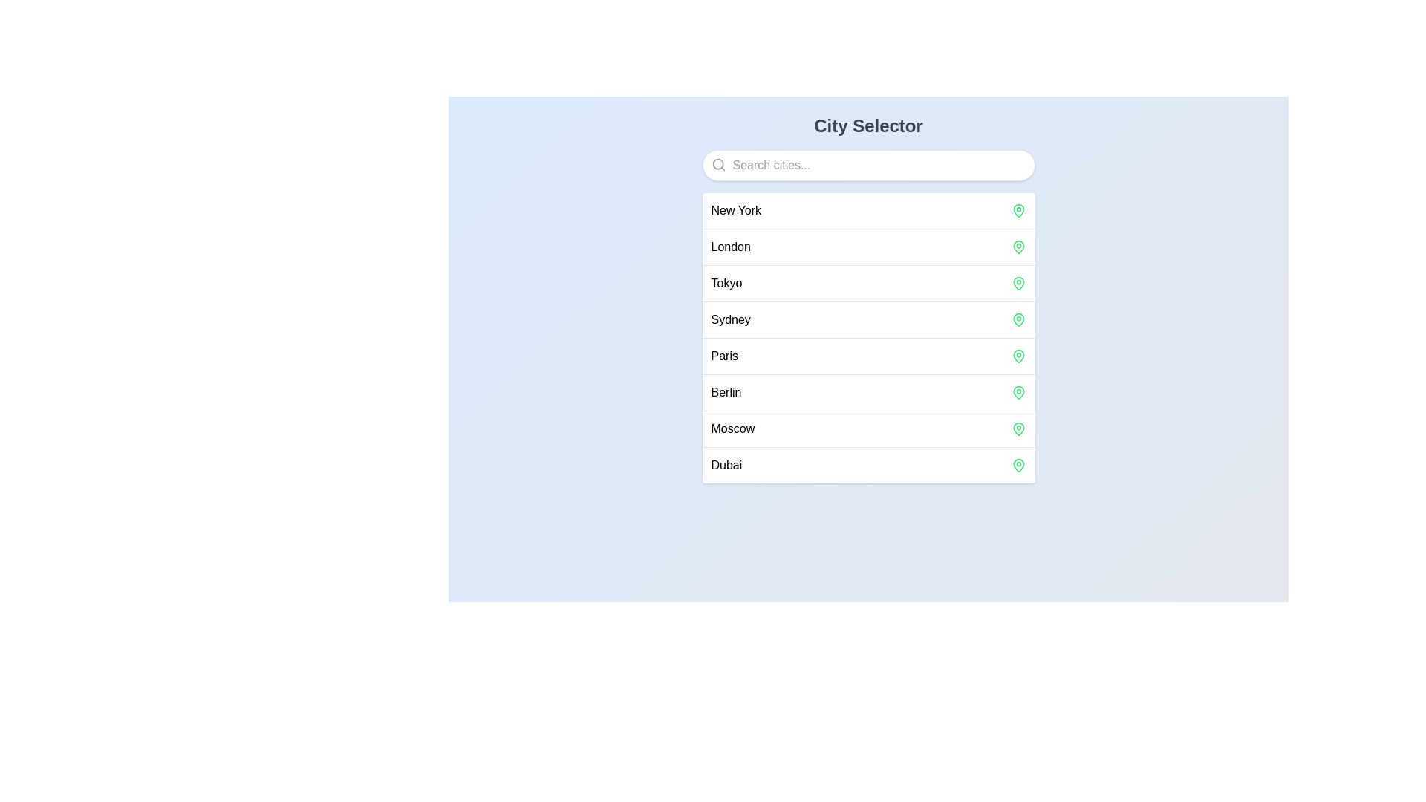  What do you see at coordinates (1018, 319) in the screenshot?
I see `the map pin icon located near the right edge of the row labeled 'Sydney'` at bounding box center [1018, 319].